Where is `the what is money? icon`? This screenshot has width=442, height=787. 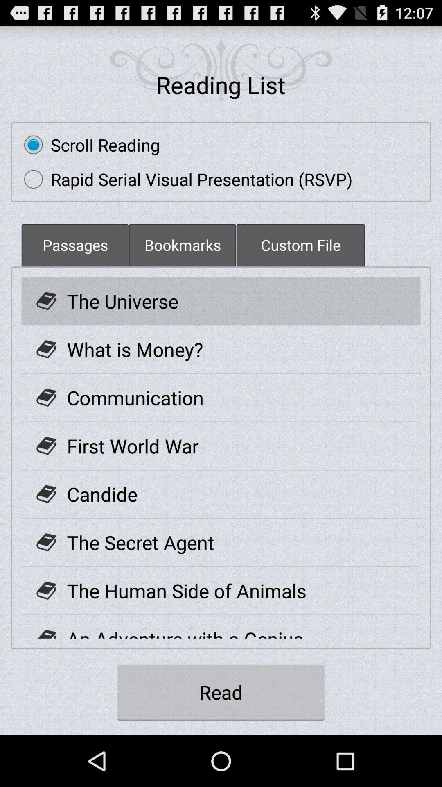 the what is money? icon is located at coordinates (135, 349).